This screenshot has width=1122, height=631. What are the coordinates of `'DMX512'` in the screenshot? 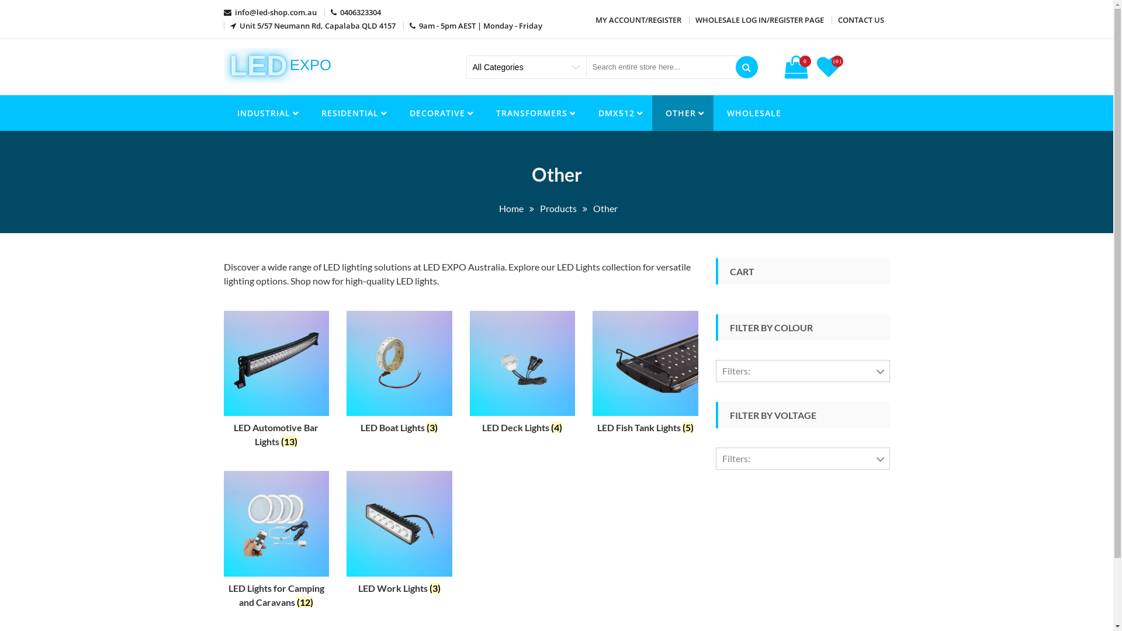 It's located at (617, 113).